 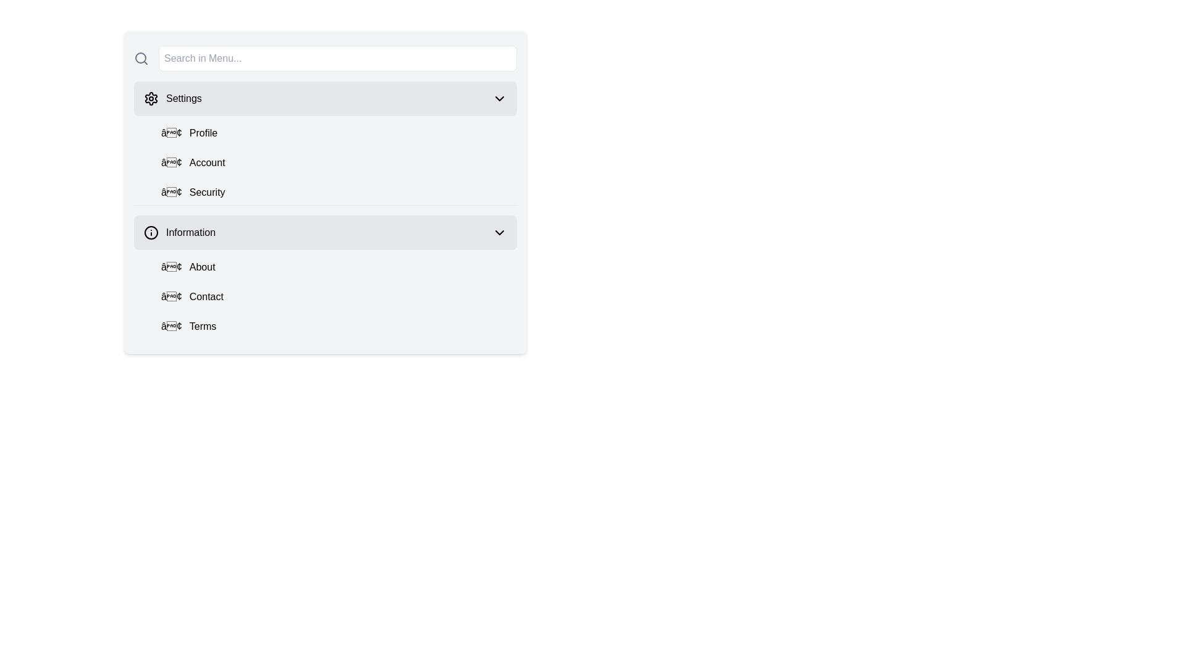 What do you see at coordinates (207, 162) in the screenshot?
I see `the 'Account' text label` at bounding box center [207, 162].